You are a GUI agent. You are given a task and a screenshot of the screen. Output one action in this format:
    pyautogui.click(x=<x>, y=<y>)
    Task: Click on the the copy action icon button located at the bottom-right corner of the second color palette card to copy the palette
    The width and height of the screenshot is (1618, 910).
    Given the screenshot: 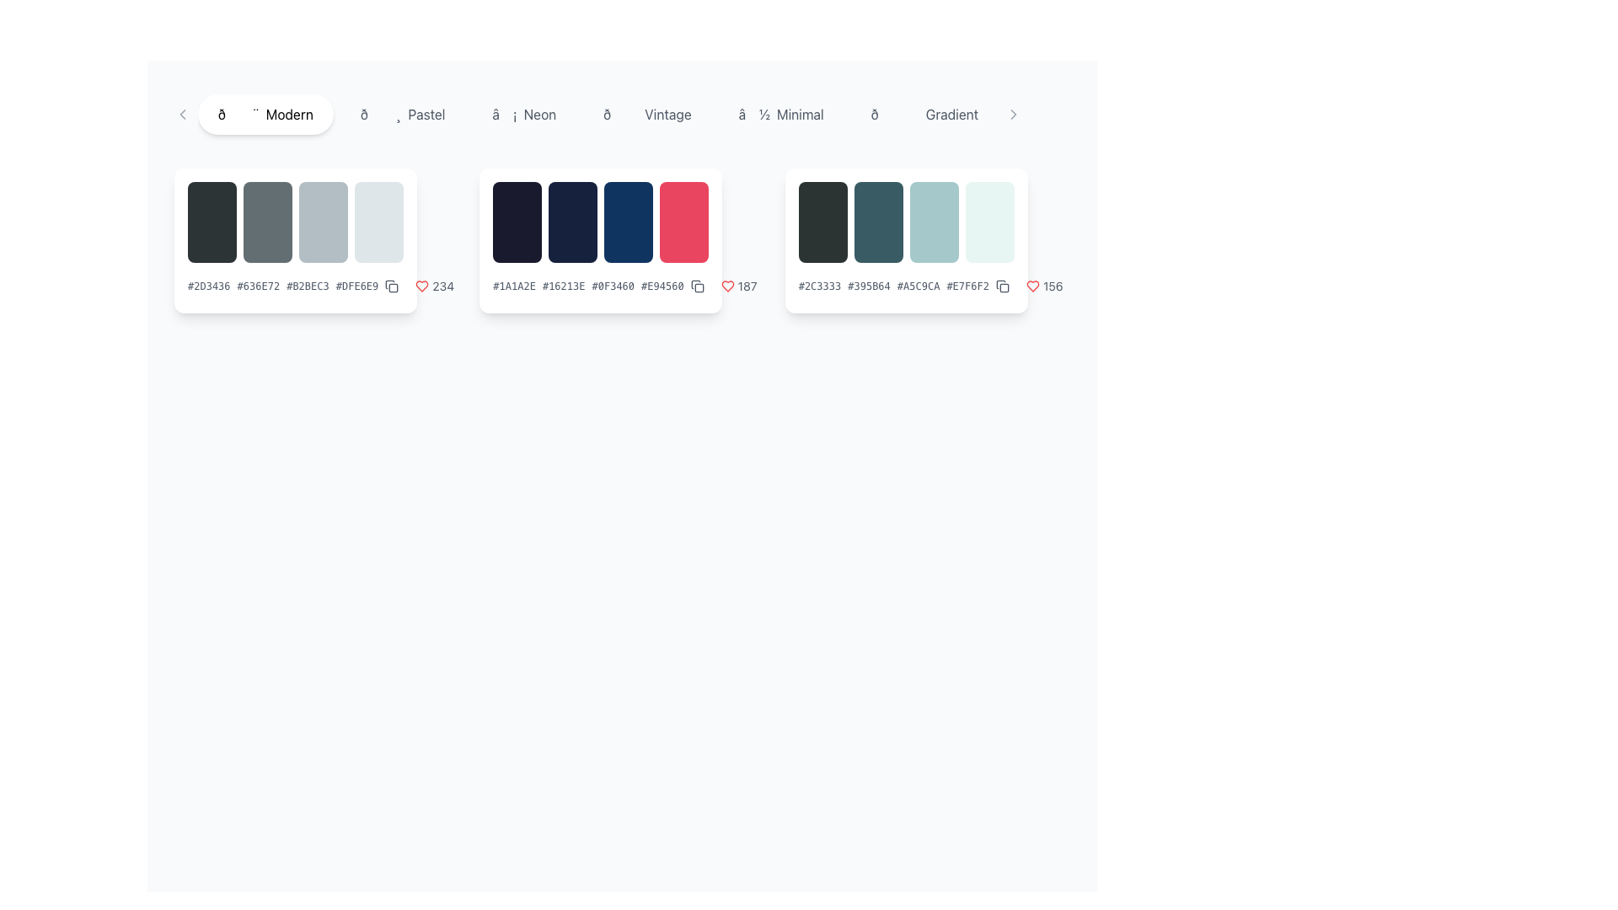 What is the action you would take?
    pyautogui.click(x=697, y=285)
    